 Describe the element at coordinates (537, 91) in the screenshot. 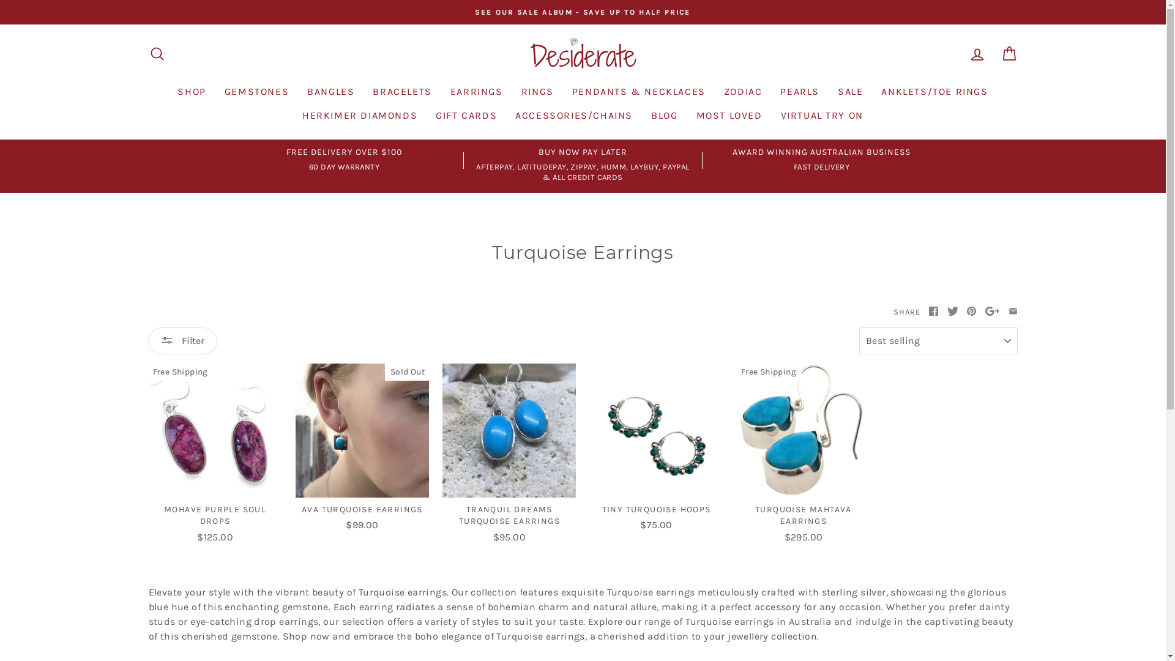

I see `'RINGS'` at that location.